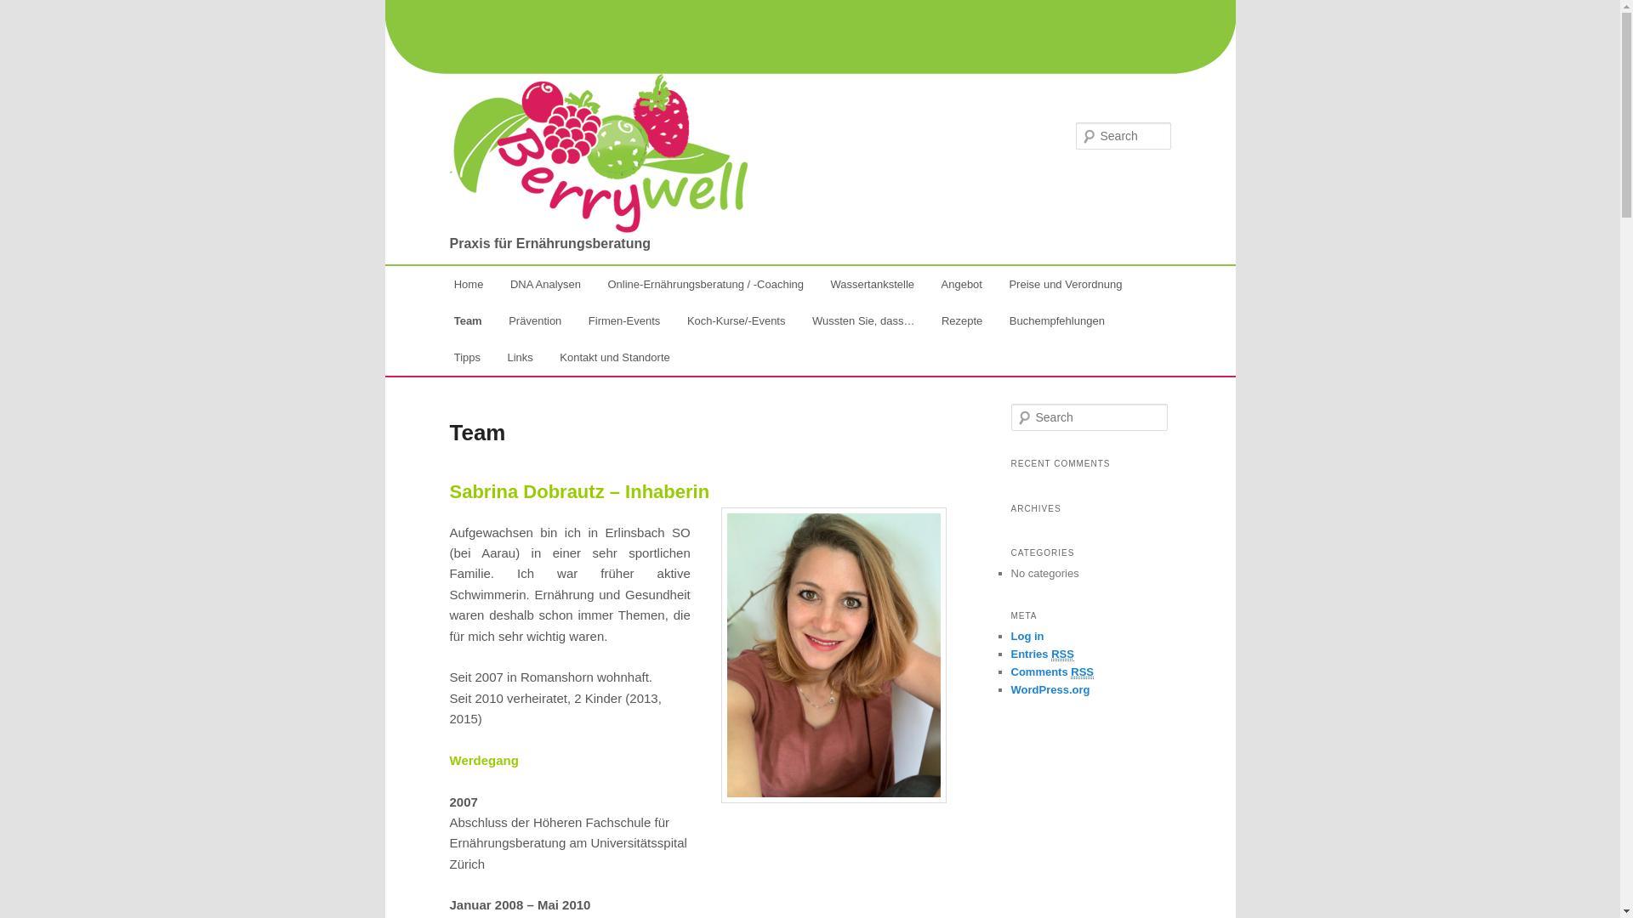  What do you see at coordinates (623, 320) in the screenshot?
I see `'Firmen-Events'` at bounding box center [623, 320].